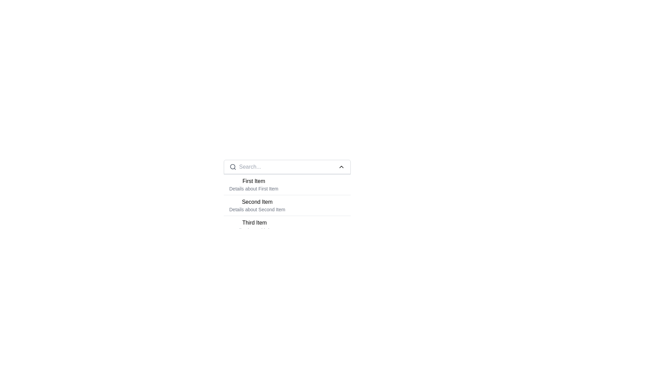 This screenshot has width=655, height=368. Describe the element at coordinates (257, 205) in the screenshot. I see `the list item labeled 'Second Item'` at that location.